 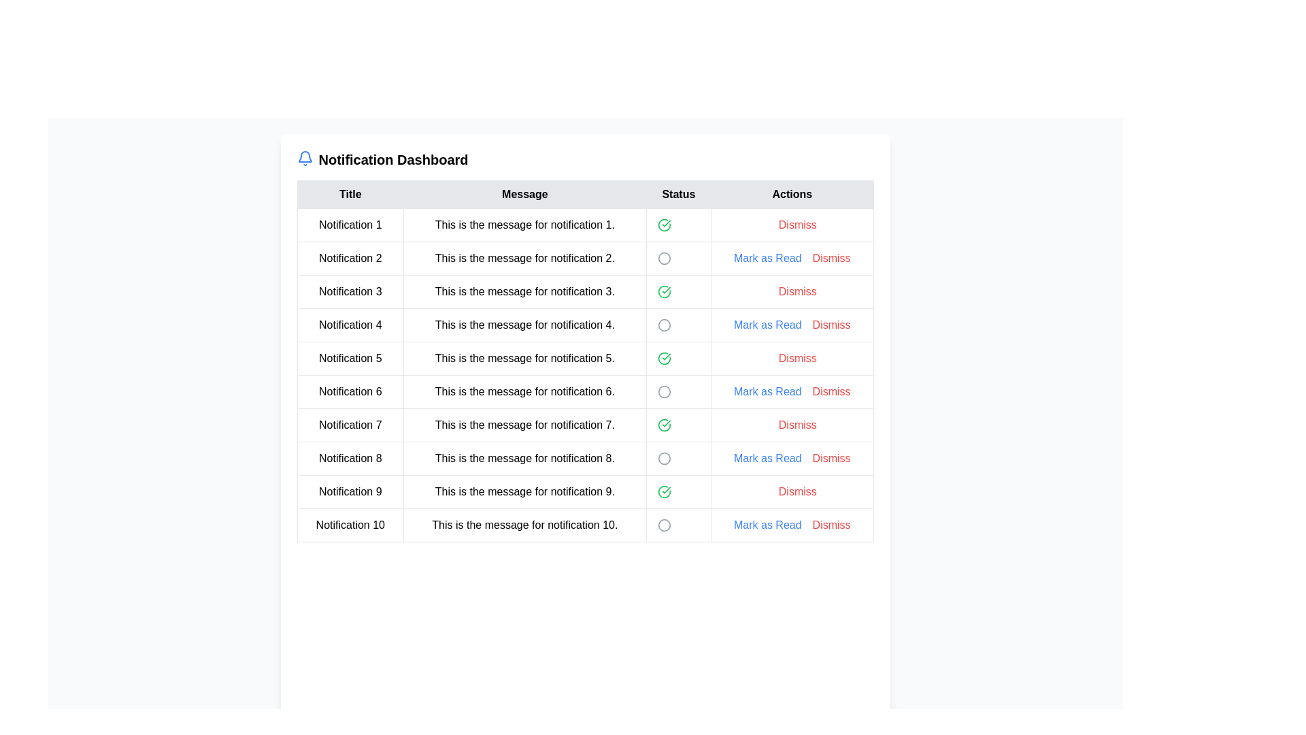 I want to click on the semicircular segment icon within the green circular outline in the fifth row of the notification table under the 'Status' column, so click(x=664, y=358).